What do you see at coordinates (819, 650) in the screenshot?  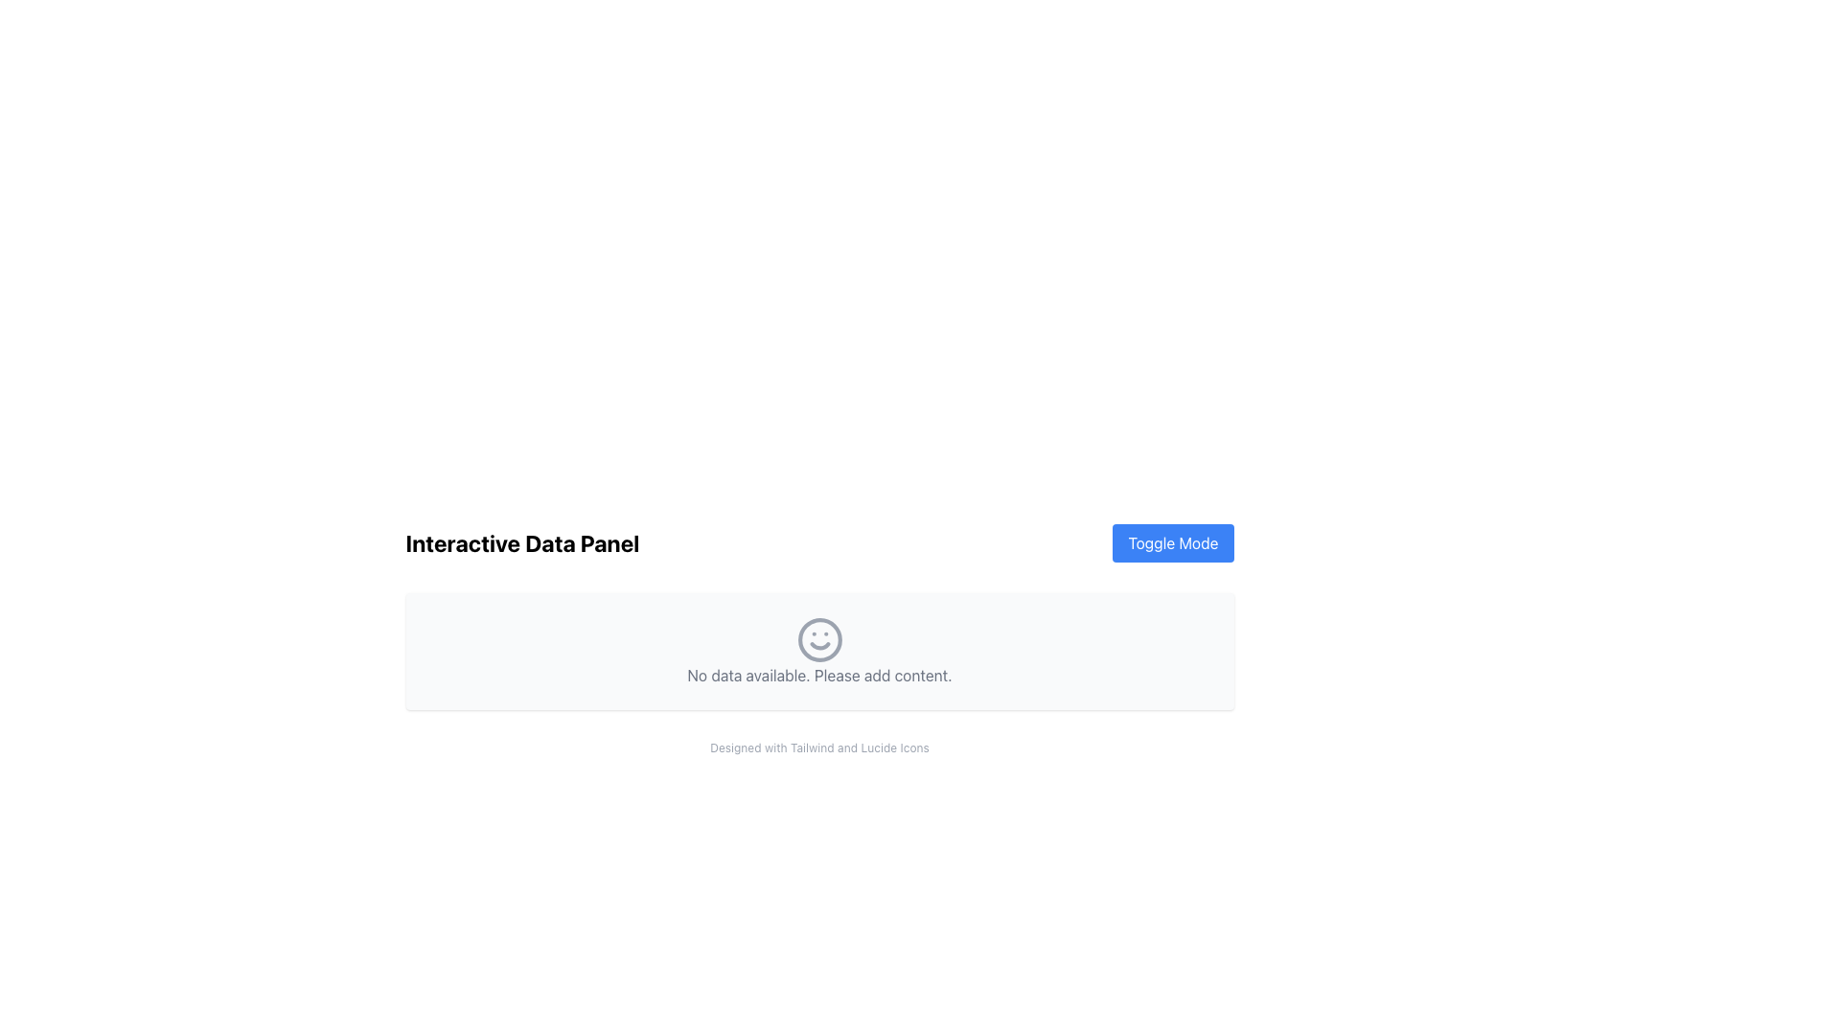 I see `text content of the Informational message panel, which has a light gray background and displays a message stating 'No data available. Please add content.'` at bounding box center [819, 650].